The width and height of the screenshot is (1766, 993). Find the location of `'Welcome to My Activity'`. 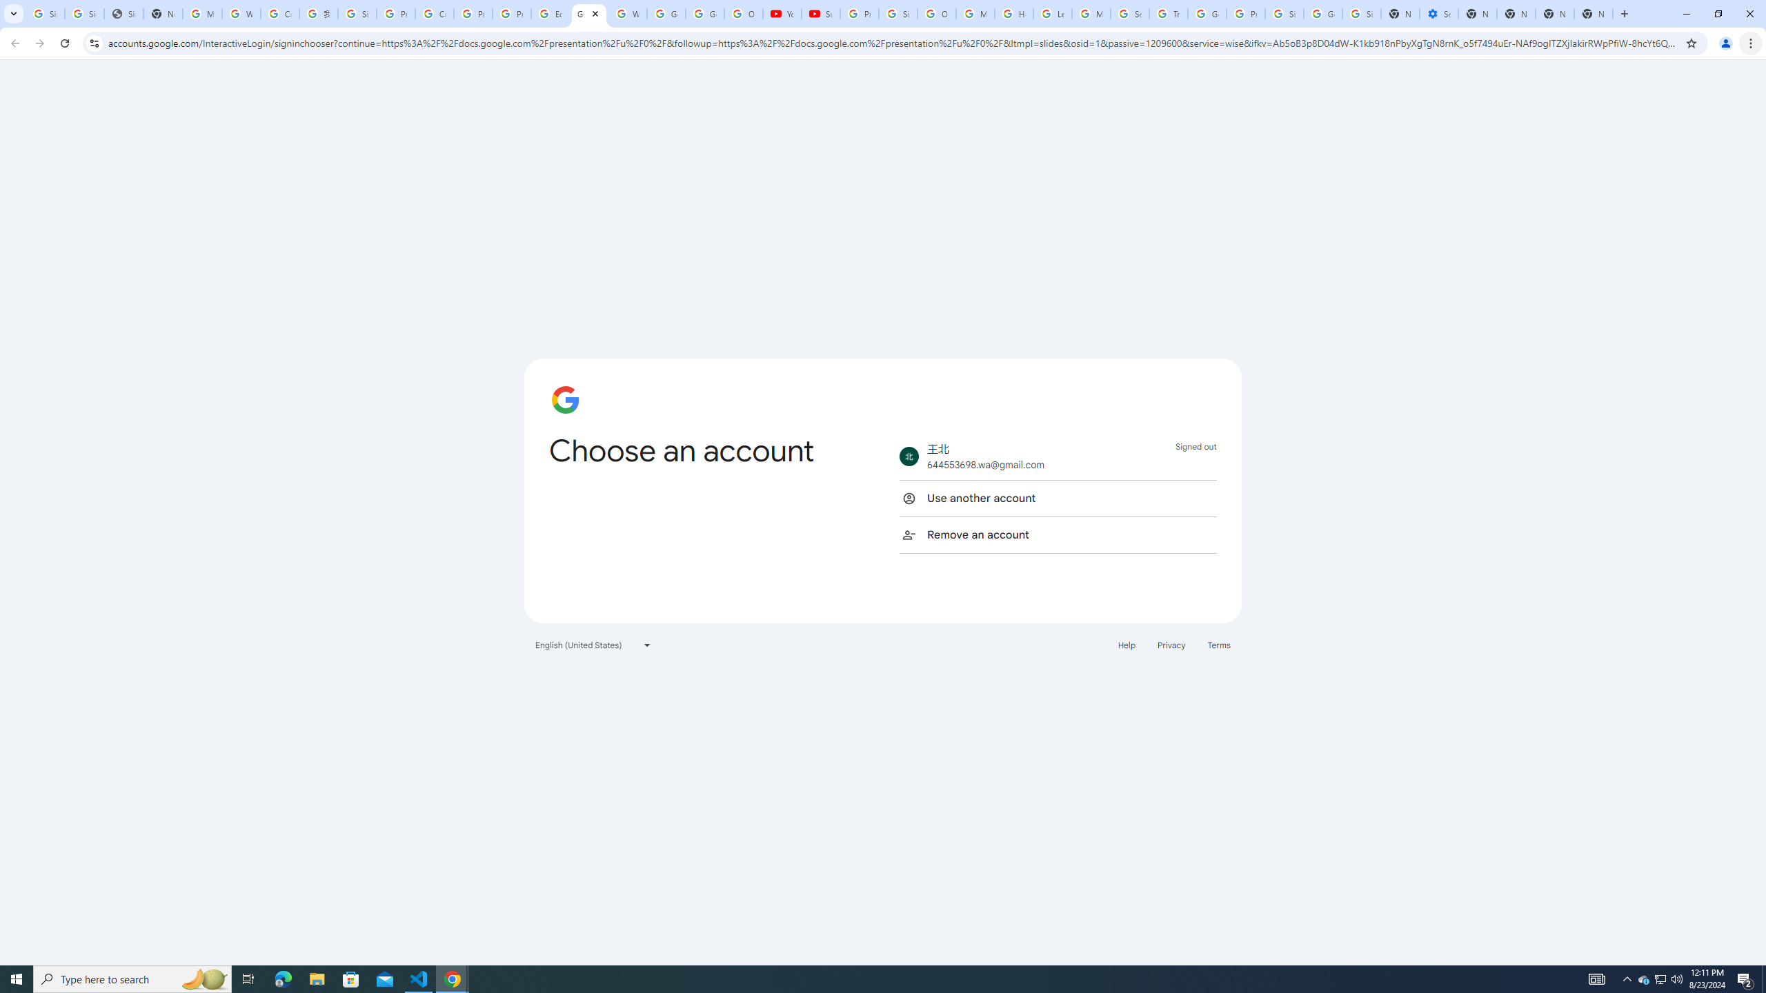

'Welcome to My Activity' is located at coordinates (627, 13).